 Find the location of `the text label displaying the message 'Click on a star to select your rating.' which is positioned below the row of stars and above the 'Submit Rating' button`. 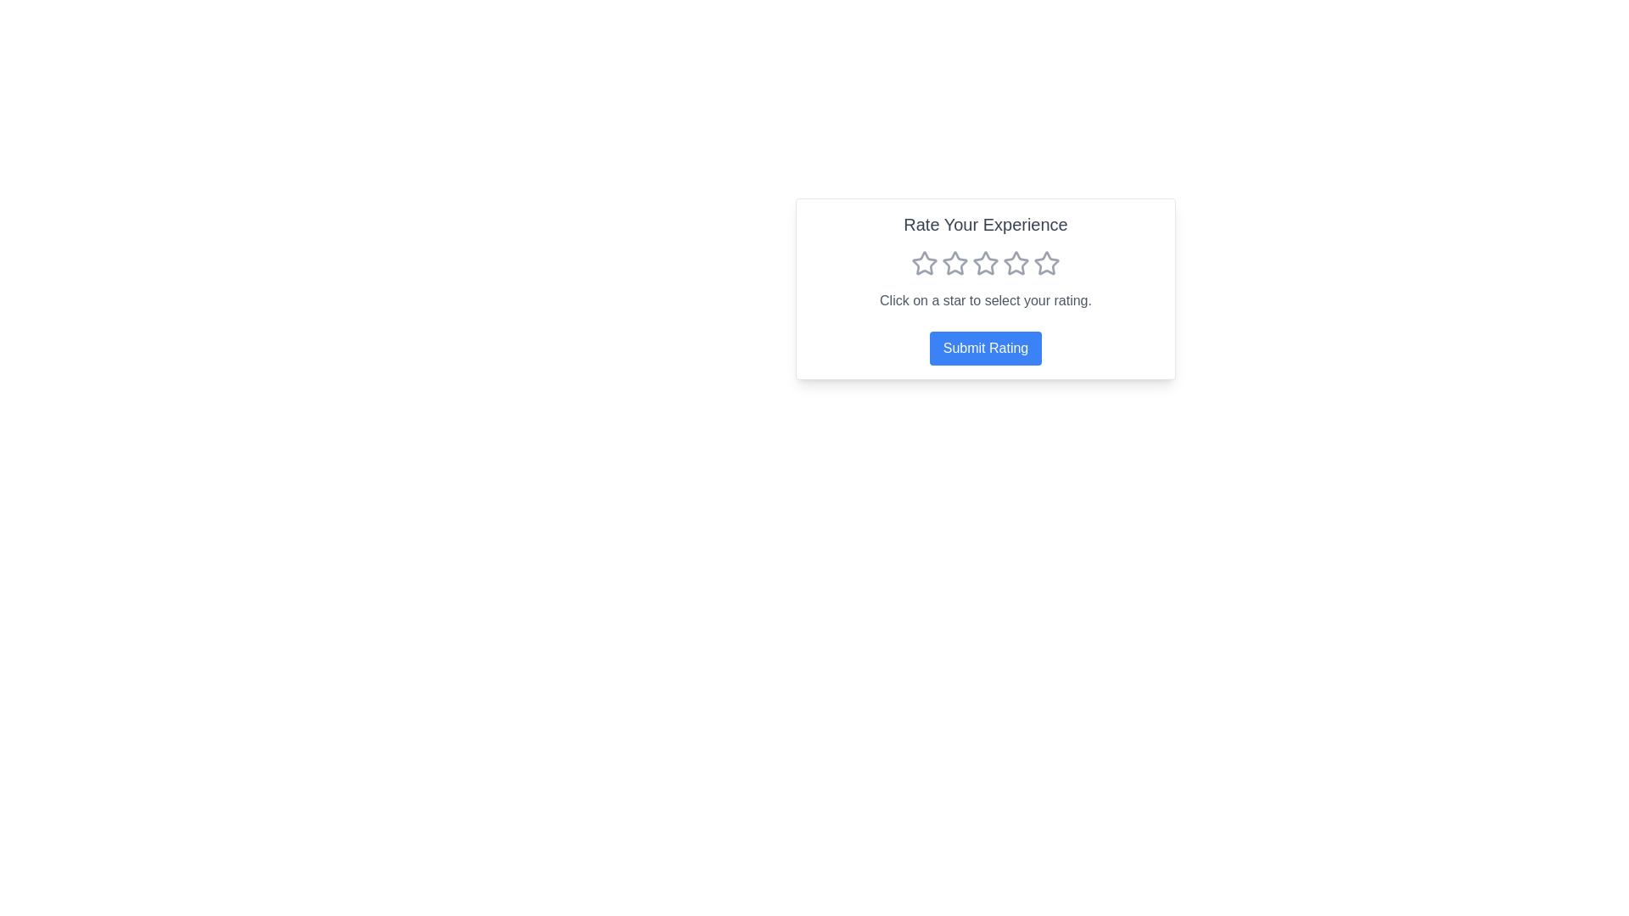

the text label displaying the message 'Click on a star to select your rating.' which is positioned below the row of stars and above the 'Submit Rating' button is located at coordinates (985, 299).